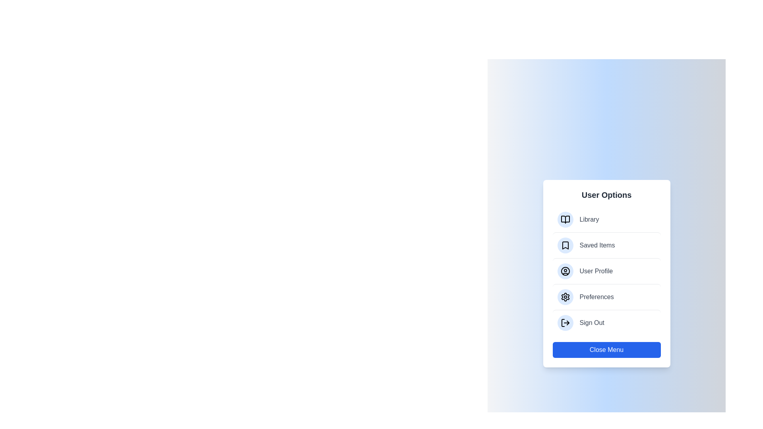 Image resolution: width=763 pixels, height=429 pixels. Describe the element at coordinates (606, 219) in the screenshot. I see `the menu item Library from the ModernUserMenu` at that location.